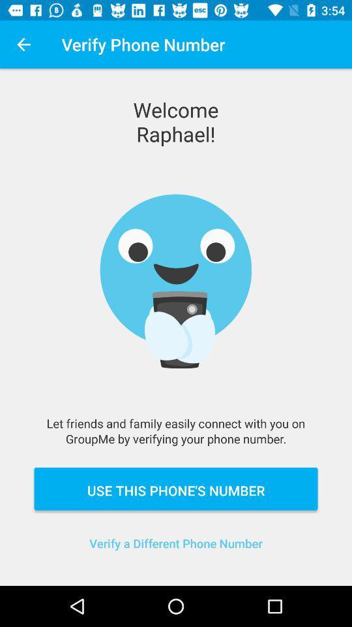 The image size is (352, 627). I want to click on icon below the use this phone item, so click(176, 551).